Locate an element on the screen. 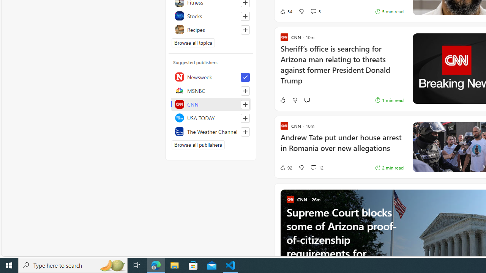 This screenshot has width=486, height=273. 'Dislike' is located at coordinates (301, 167).